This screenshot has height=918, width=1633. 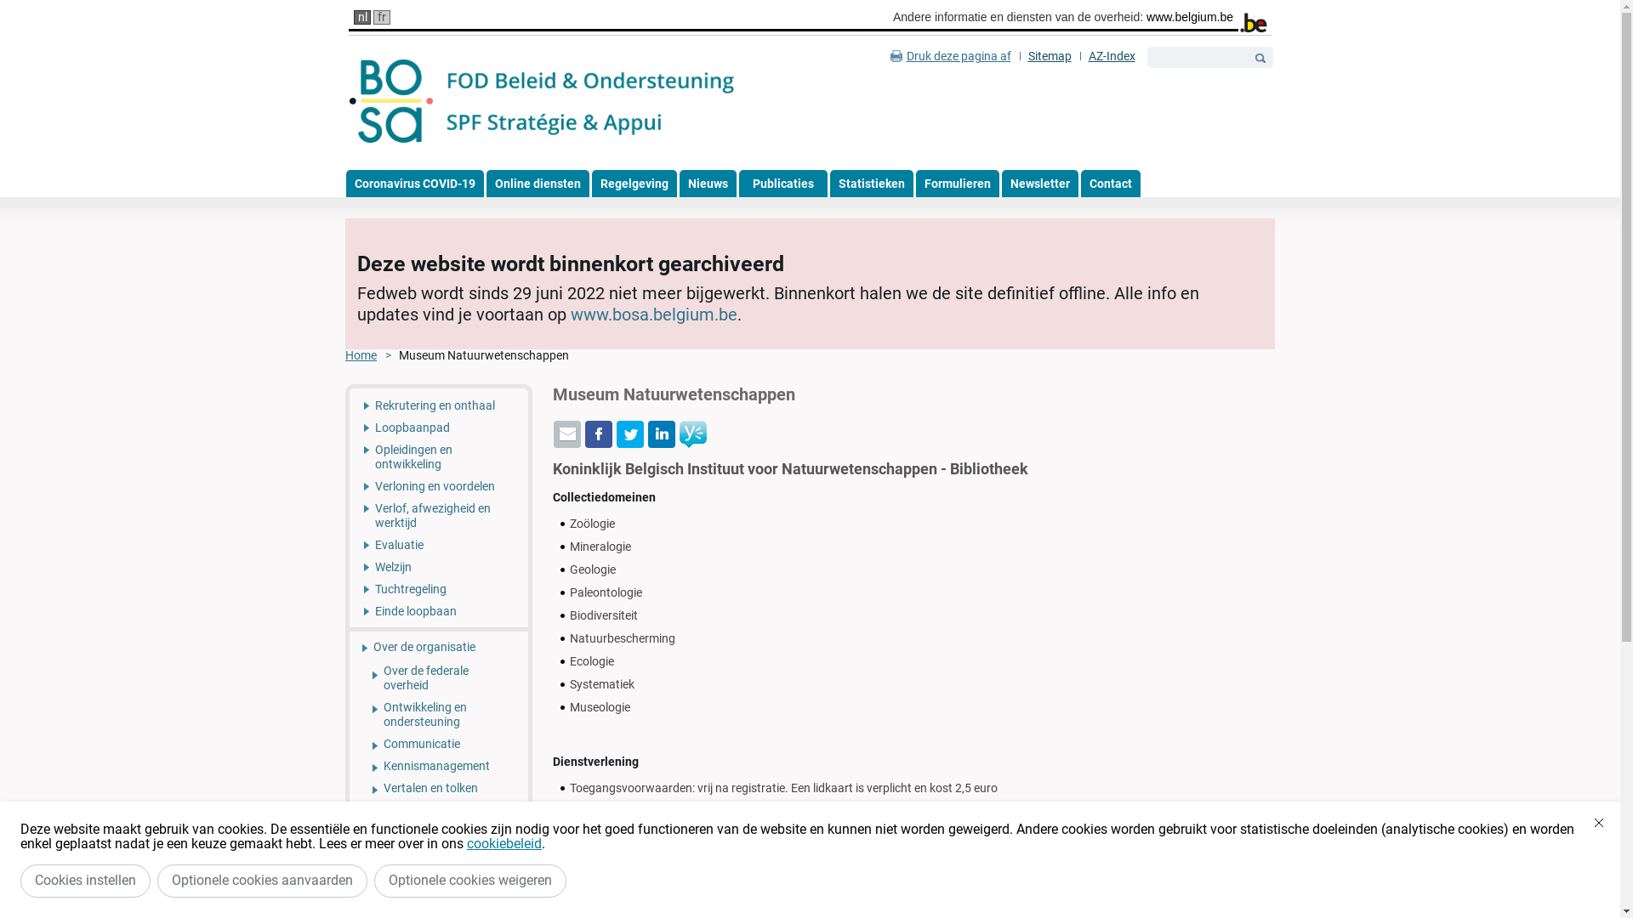 What do you see at coordinates (84, 880) in the screenshot?
I see `'Cookies instellen'` at bounding box center [84, 880].